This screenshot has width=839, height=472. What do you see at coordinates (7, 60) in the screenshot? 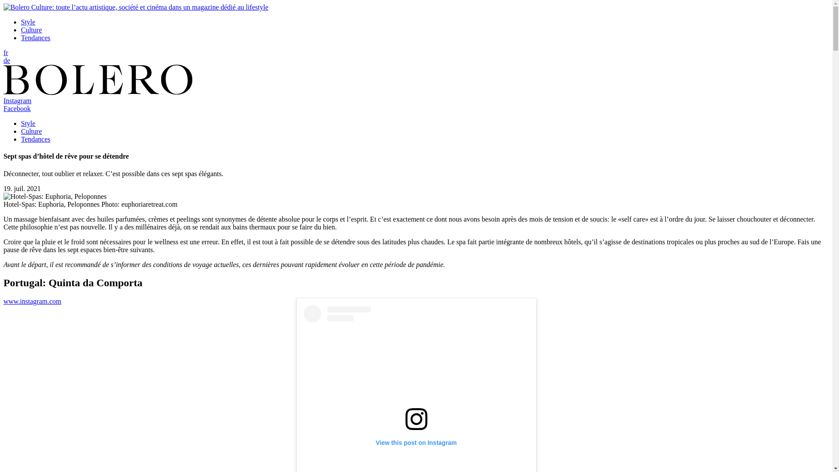
I see `'de'` at bounding box center [7, 60].